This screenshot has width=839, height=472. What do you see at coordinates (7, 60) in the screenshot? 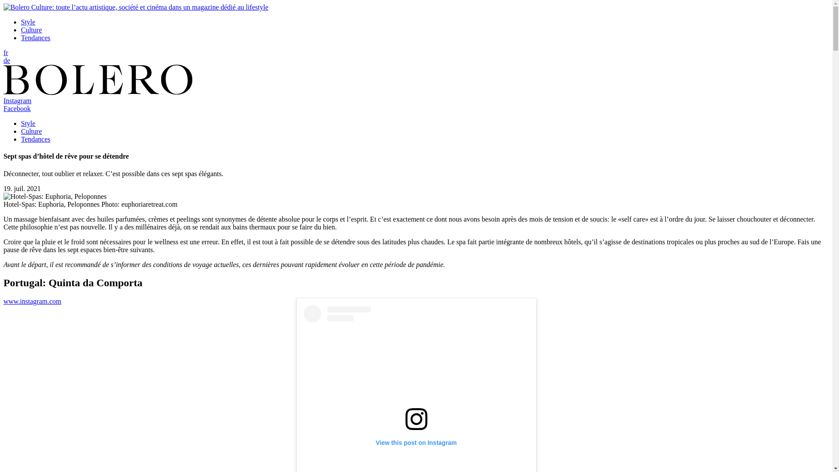
I see `'de'` at bounding box center [7, 60].